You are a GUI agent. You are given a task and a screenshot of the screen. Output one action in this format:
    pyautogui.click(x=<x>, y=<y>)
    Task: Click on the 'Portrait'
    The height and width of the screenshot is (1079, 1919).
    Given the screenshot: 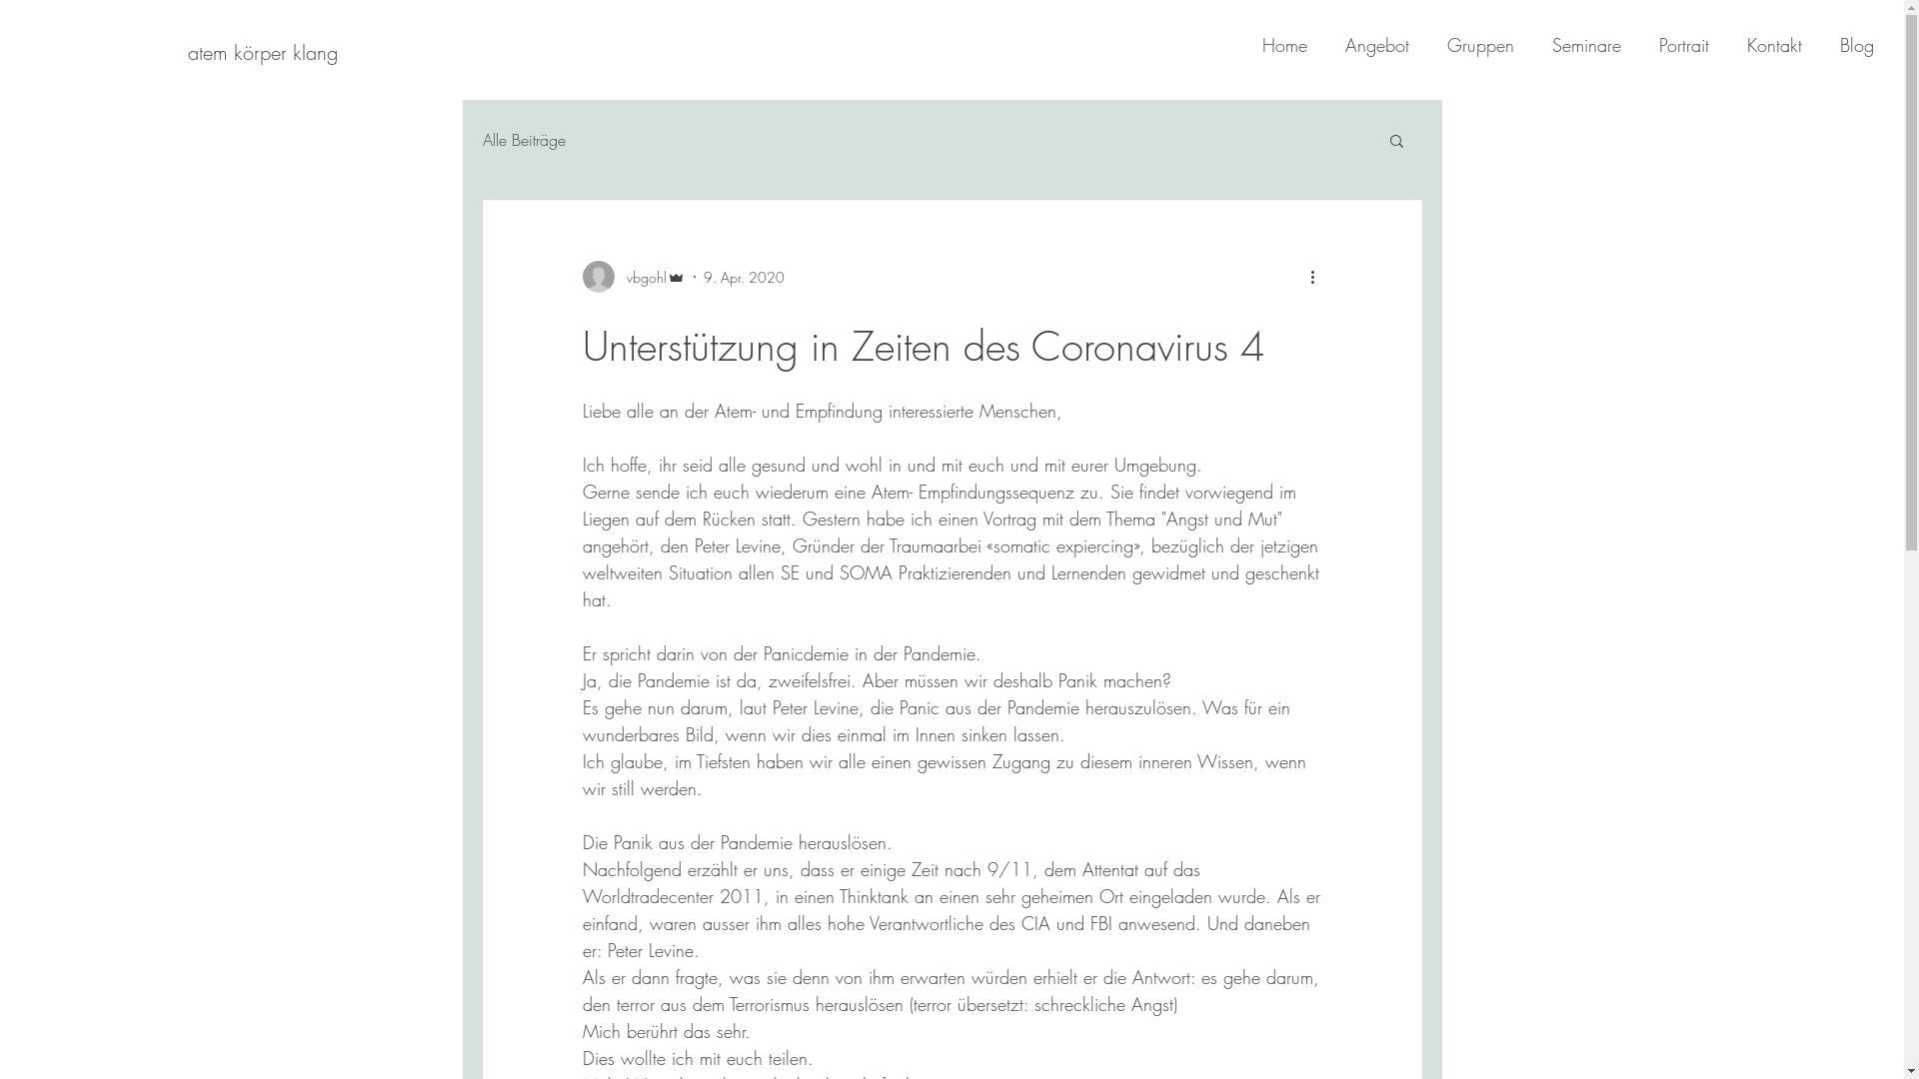 What is the action you would take?
    pyautogui.click(x=1674, y=45)
    